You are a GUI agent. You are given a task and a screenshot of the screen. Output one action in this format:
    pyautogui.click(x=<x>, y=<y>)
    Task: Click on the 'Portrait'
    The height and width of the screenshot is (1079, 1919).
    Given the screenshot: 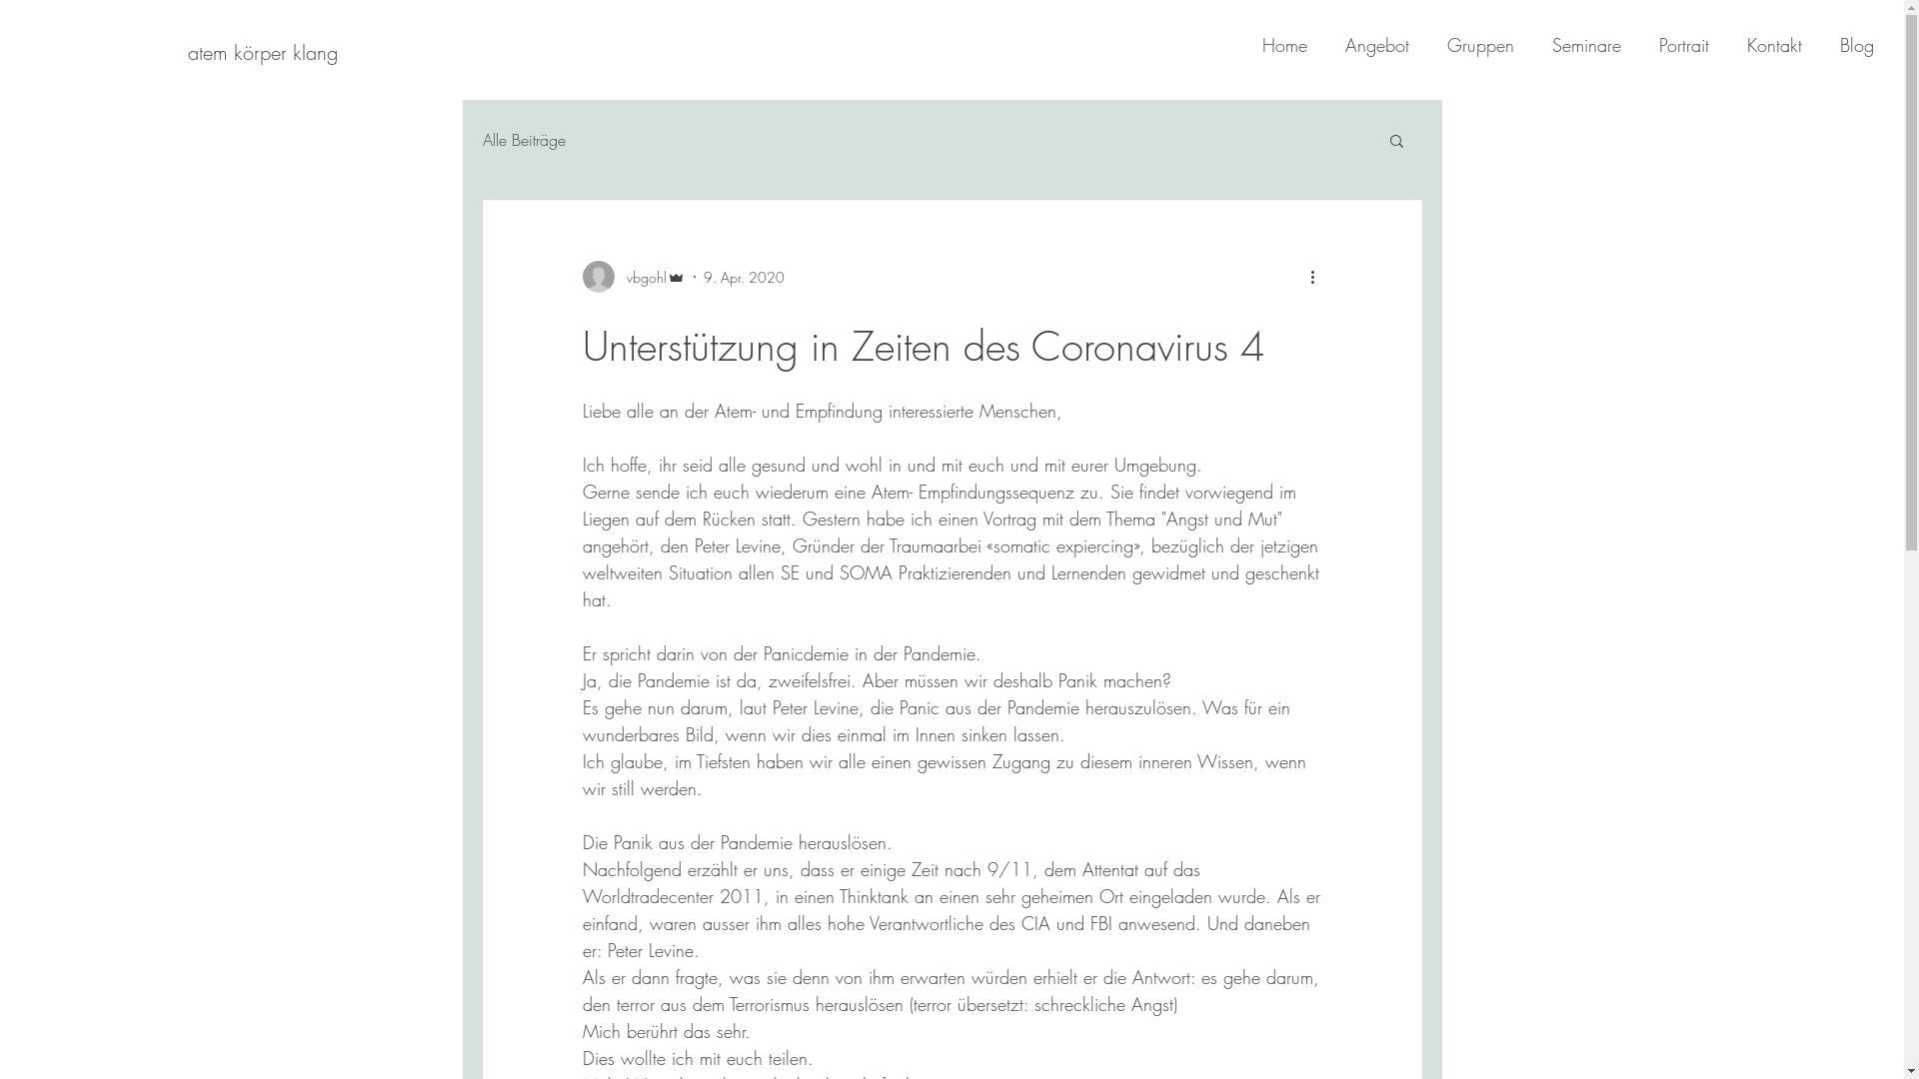 What is the action you would take?
    pyautogui.click(x=1674, y=45)
    